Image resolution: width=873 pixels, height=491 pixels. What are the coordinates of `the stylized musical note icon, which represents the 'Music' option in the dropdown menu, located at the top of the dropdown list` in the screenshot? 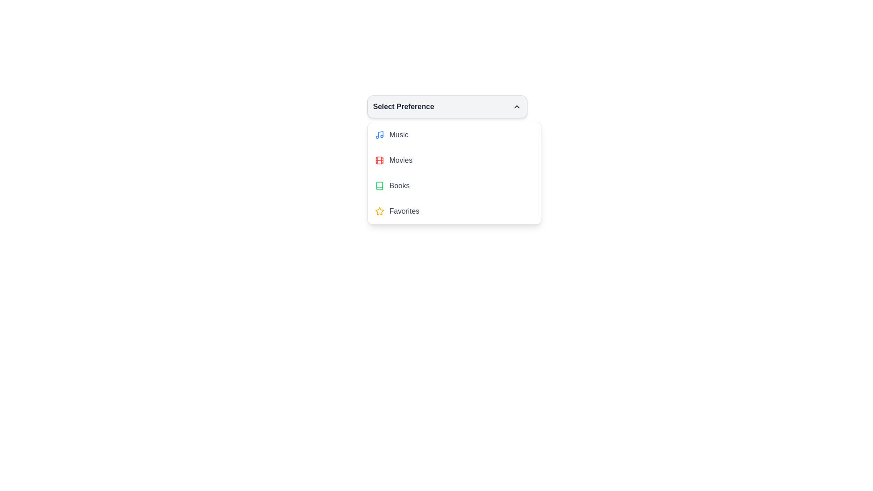 It's located at (380, 134).